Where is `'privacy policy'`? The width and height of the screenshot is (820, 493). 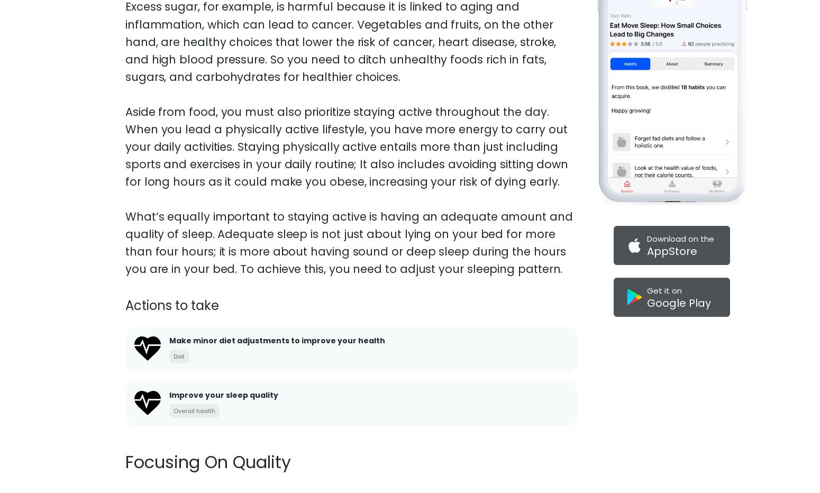
'privacy policy' is located at coordinates (509, 24).